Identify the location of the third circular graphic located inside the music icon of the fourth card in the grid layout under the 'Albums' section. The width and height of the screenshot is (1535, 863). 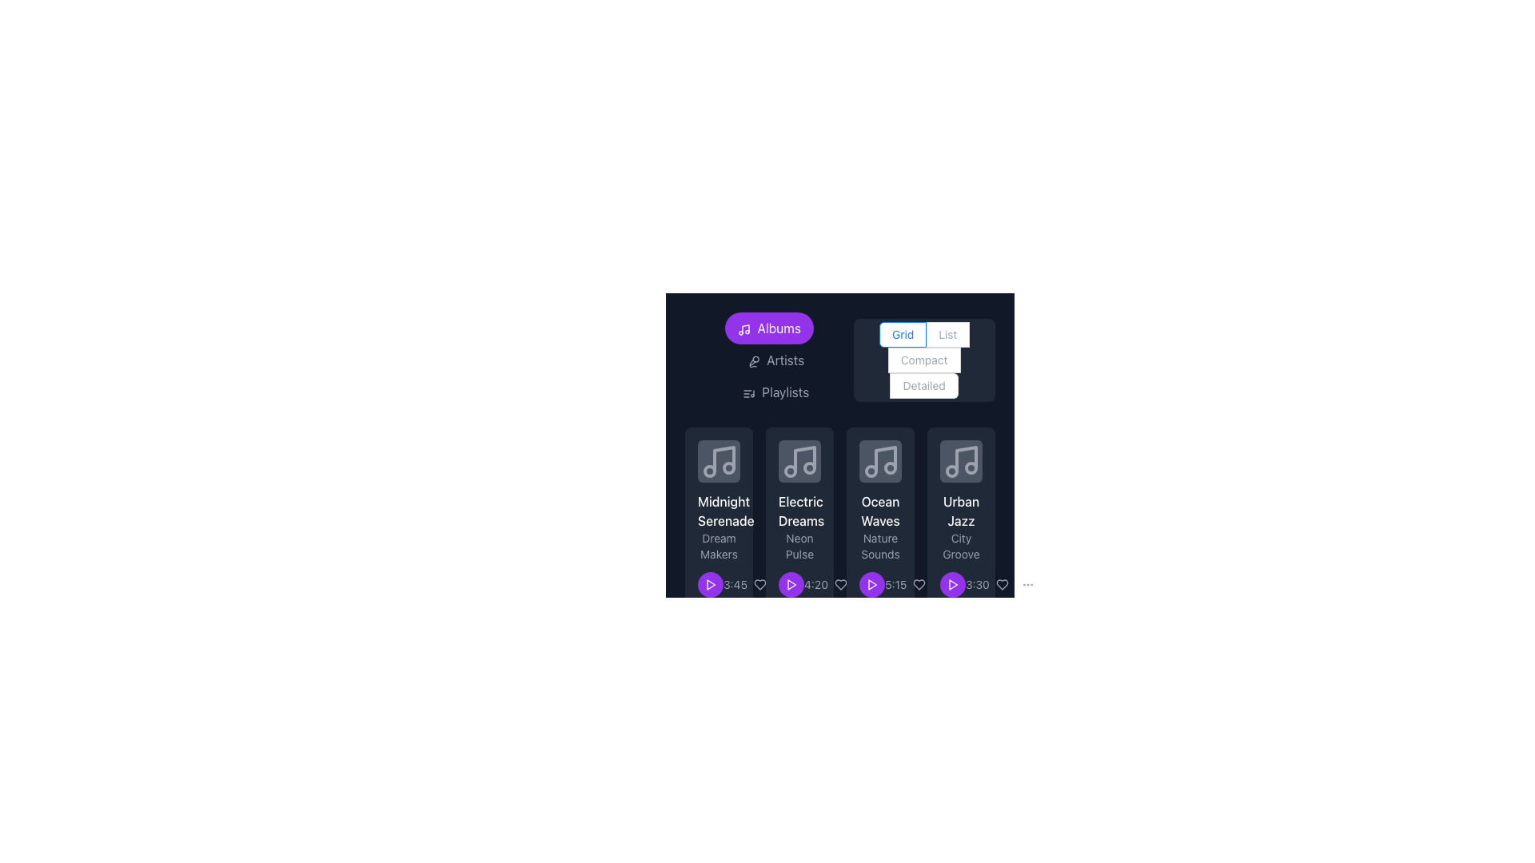
(970, 467).